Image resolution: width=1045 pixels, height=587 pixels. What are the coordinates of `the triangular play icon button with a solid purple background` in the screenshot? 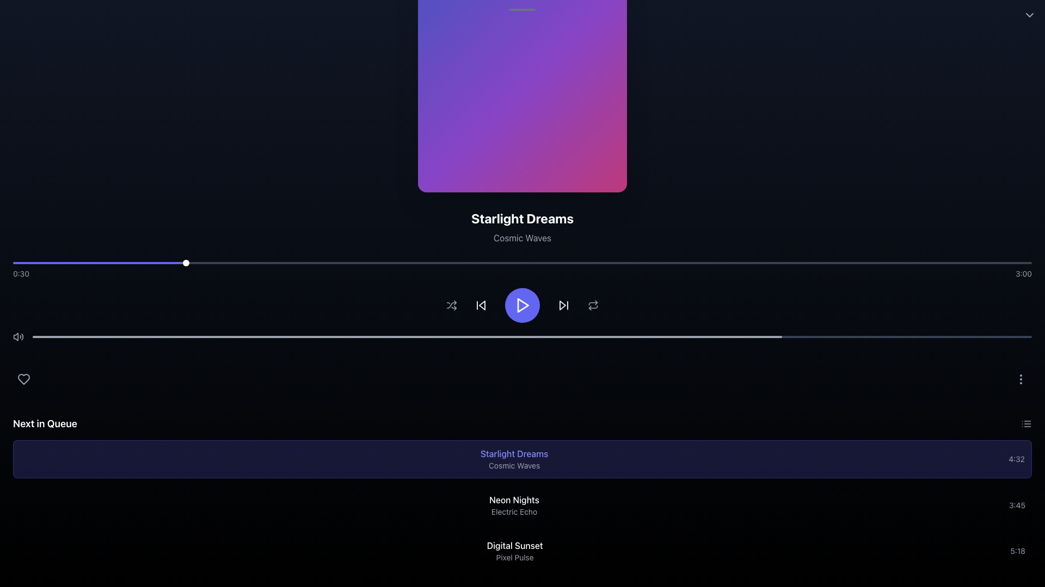 It's located at (523, 305).